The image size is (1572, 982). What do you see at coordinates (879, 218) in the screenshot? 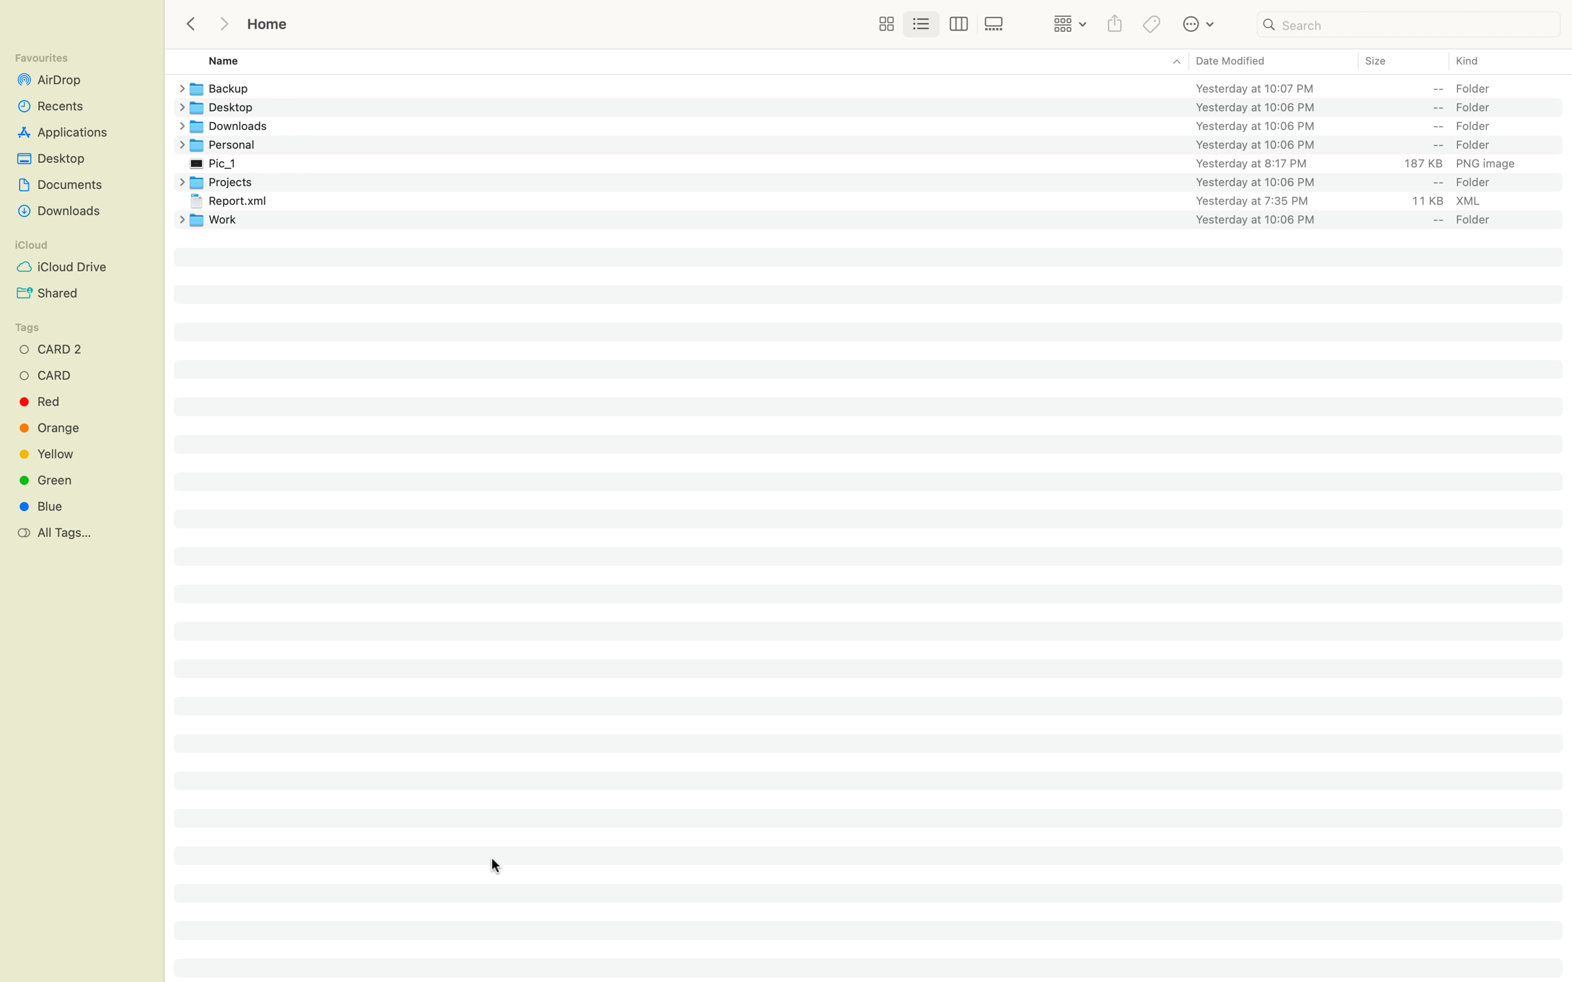
I see `Utilize right-click to eliminate the ultimate folder from the list` at bounding box center [879, 218].